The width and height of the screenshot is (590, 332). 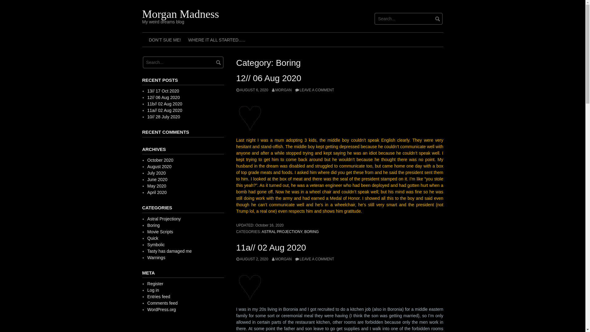 What do you see at coordinates (157, 192) in the screenshot?
I see `'April 2020'` at bounding box center [157, 192].